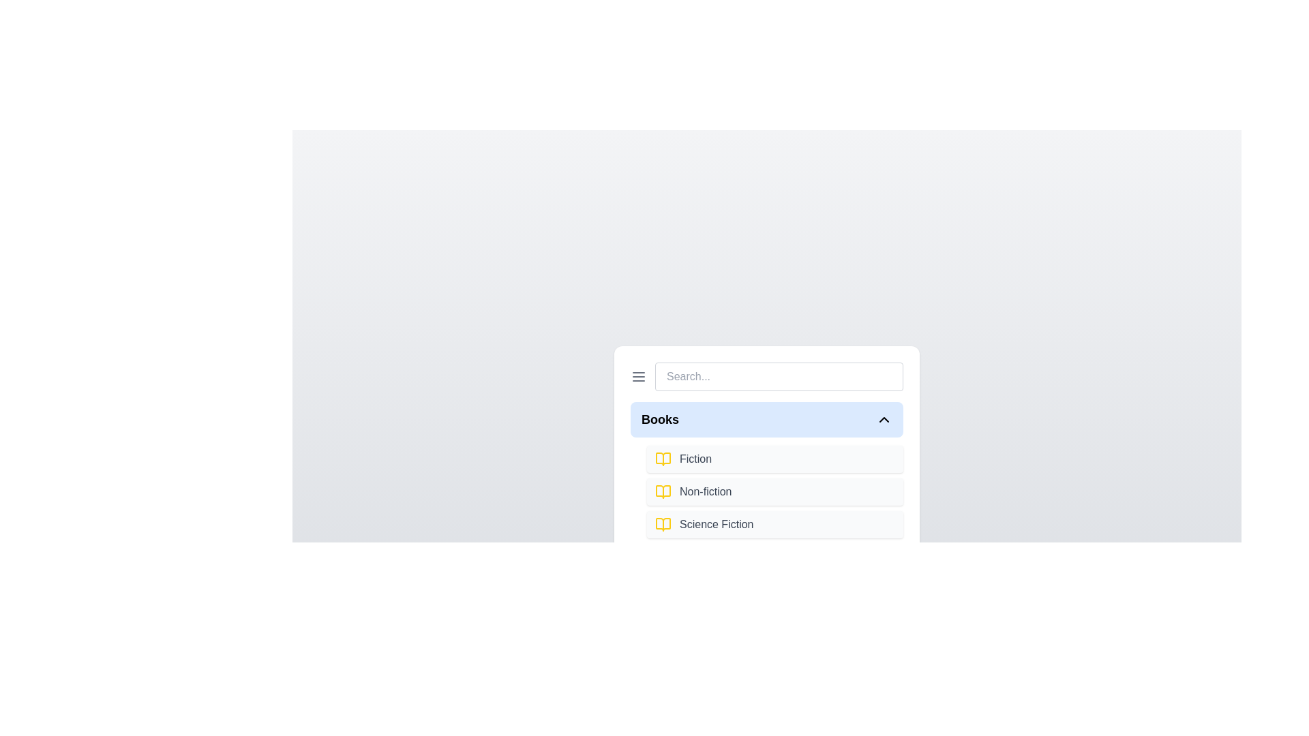  I want to click on the menu icon at the top-left of the component, so click(637, 376).